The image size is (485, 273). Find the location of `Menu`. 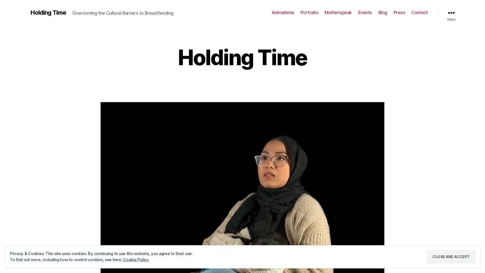

Menu is located at coordinates (451, 12).